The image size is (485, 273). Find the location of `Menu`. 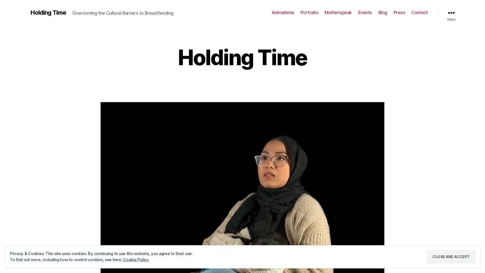

Menu is located at coordinates (451, 12).